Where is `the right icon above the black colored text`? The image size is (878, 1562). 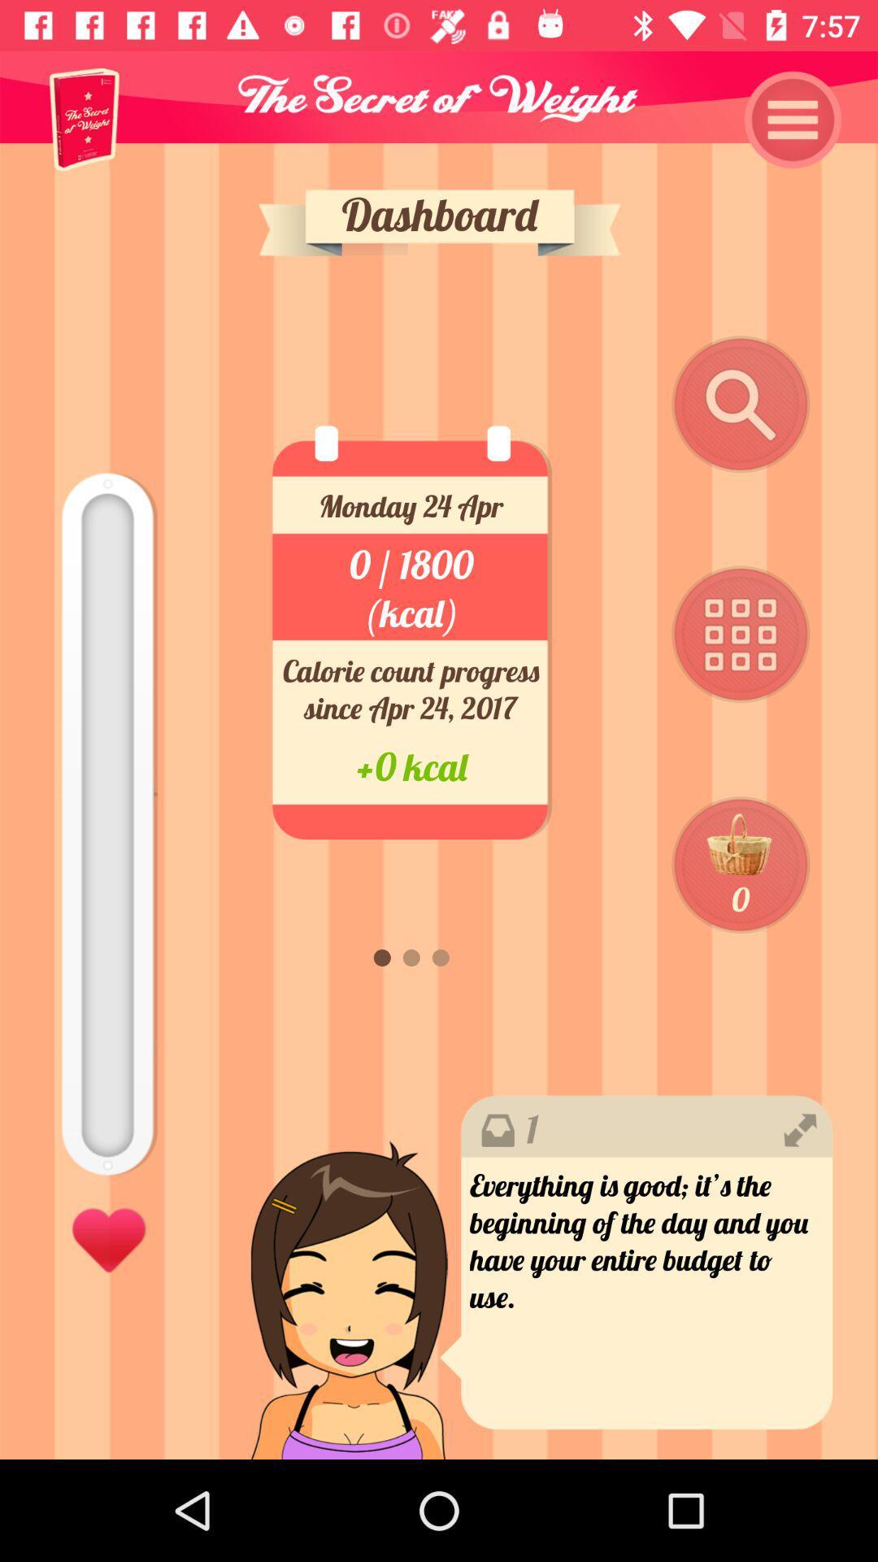
the right icon above the black colored text is located at coordinates (799, 1128).